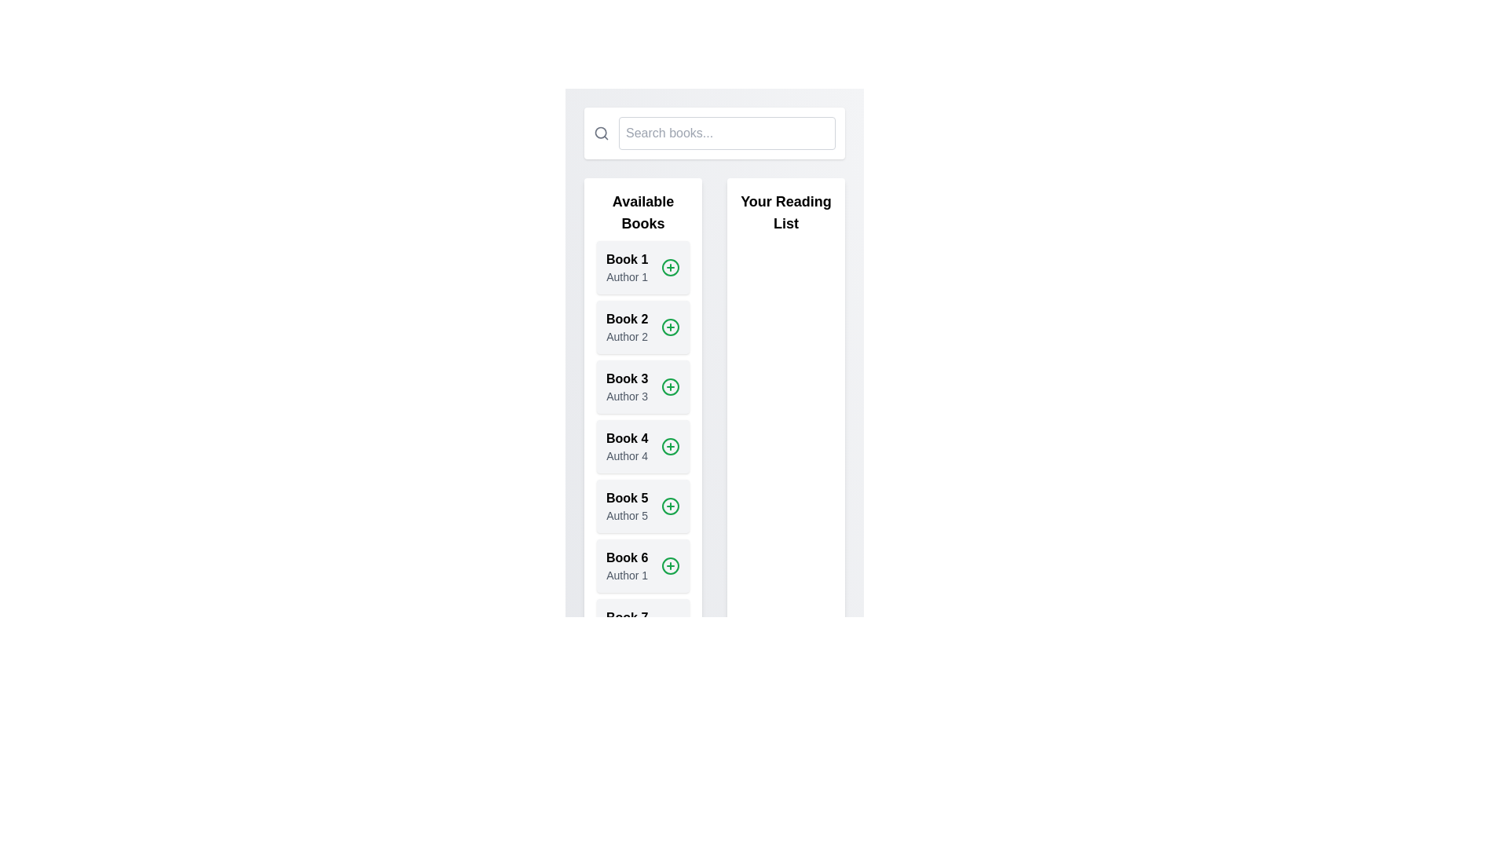 This screenshot has width=1508, height=848. I want to click on the green plus icon on the first list item representing 'Book 1', so click(643, 266).